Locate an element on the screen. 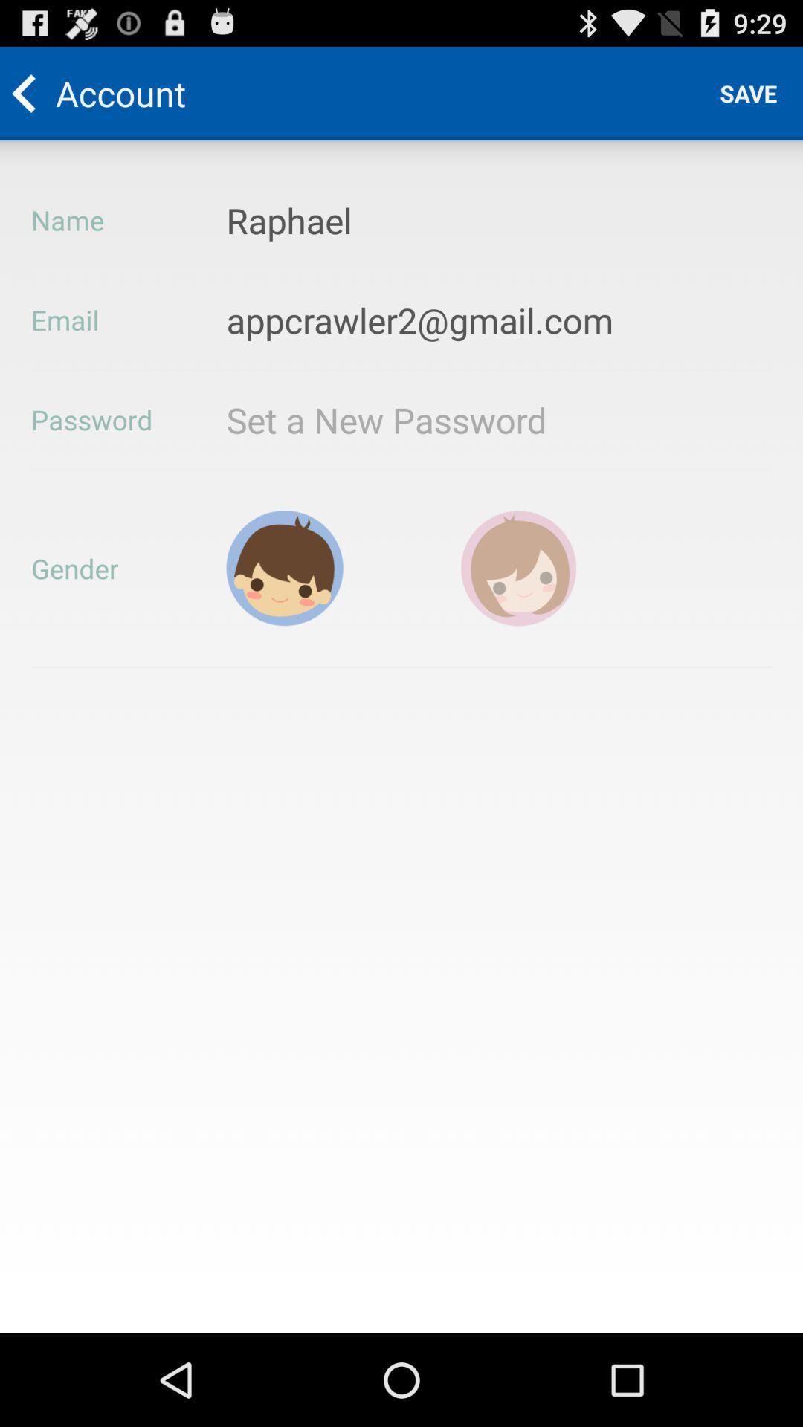  choose gender is located at coordinates (285, 567).